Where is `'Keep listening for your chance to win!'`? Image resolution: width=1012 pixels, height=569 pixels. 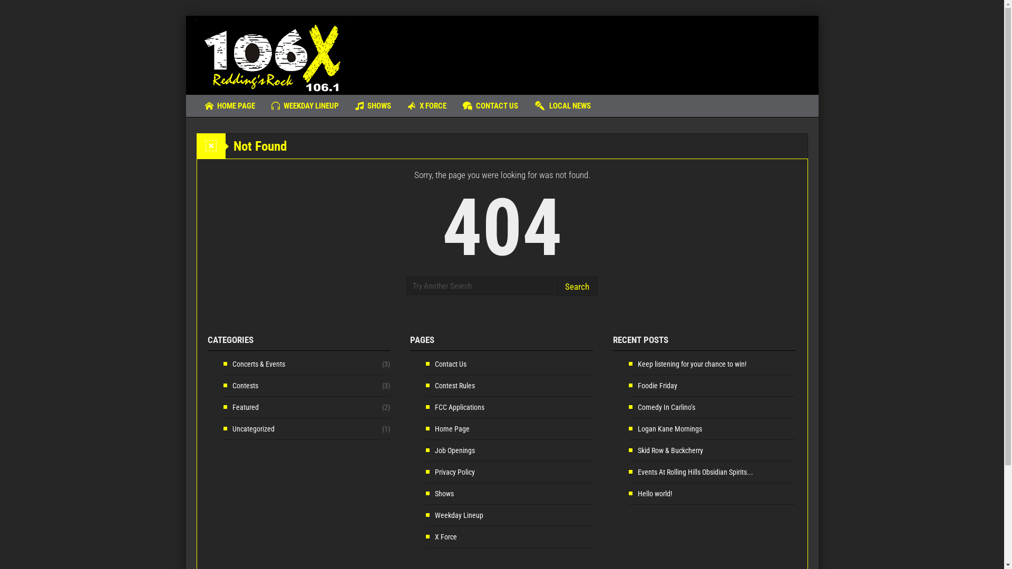
'Keep listening for your chance to win!' is located at coordinates (687, 363).